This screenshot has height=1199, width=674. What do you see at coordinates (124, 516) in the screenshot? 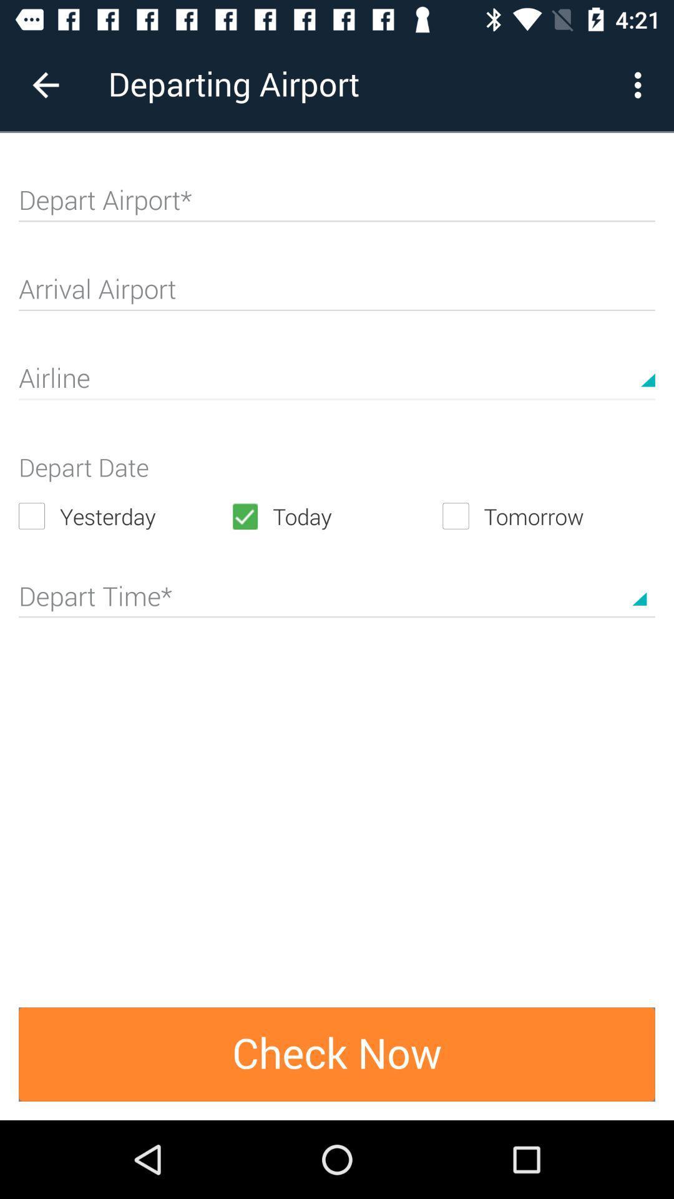
I see `the yesterday item` at bounding box center [124, 516].